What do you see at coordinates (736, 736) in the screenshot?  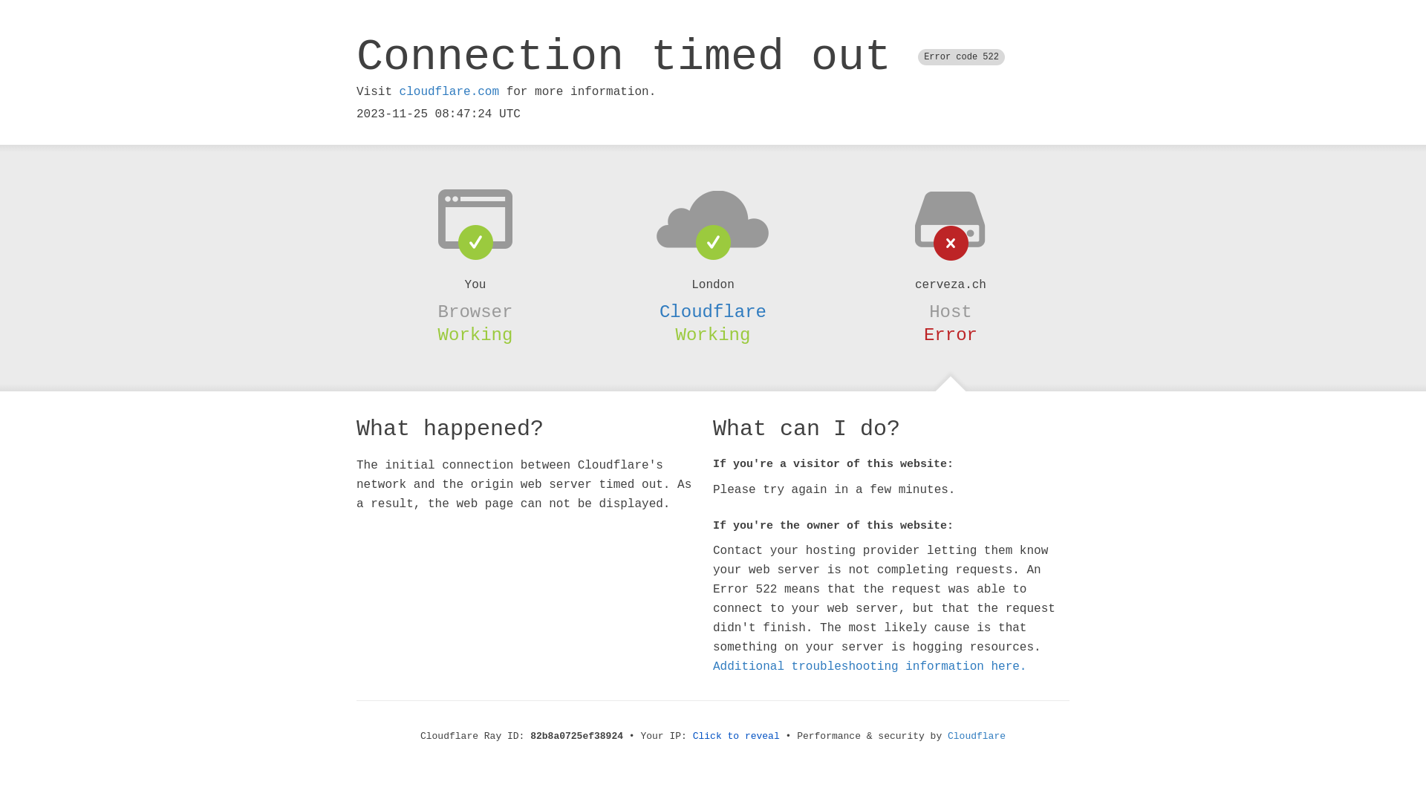 I see `'Click to reveal'` at bounding box center [736, 736].